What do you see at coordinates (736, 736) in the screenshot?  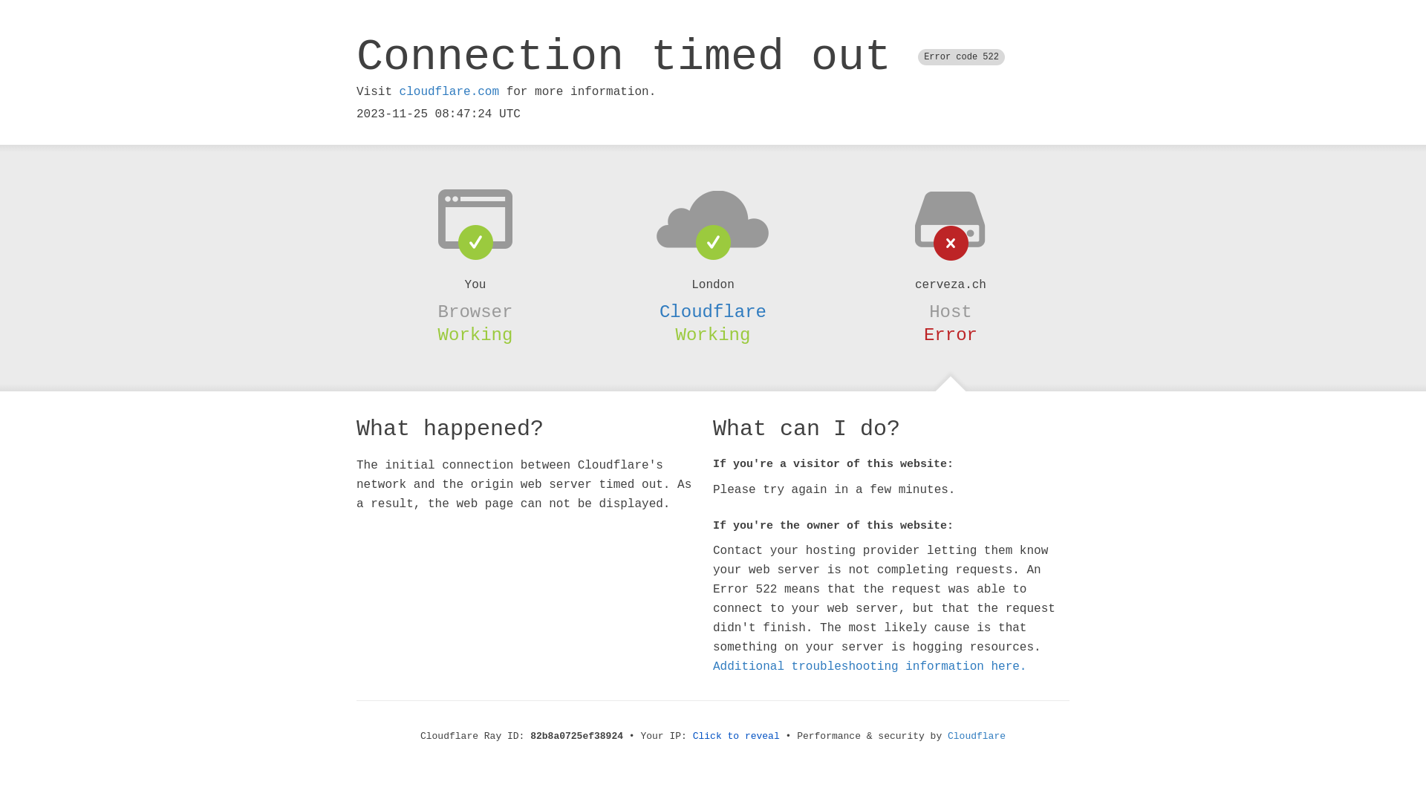 I see `'Click to reveal'` at bounding box center [736, 736].